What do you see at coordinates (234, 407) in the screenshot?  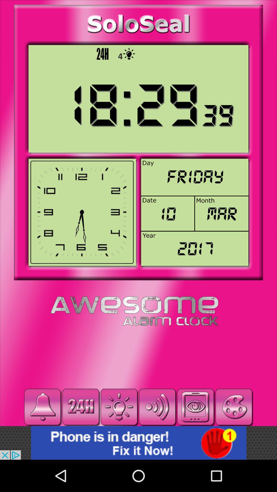 I see `color palette` at bounding box center [234, 407].